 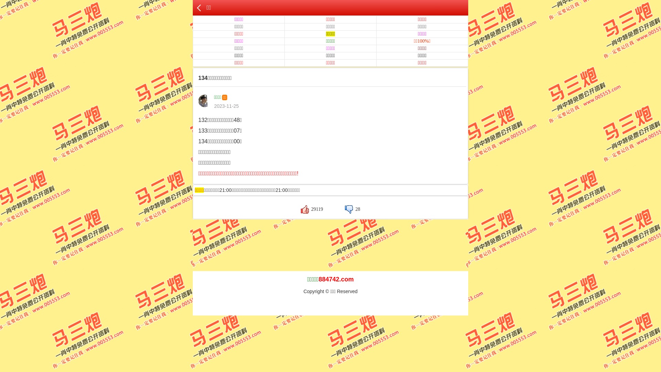 I want to click on '28', so click(x=352, y=209).